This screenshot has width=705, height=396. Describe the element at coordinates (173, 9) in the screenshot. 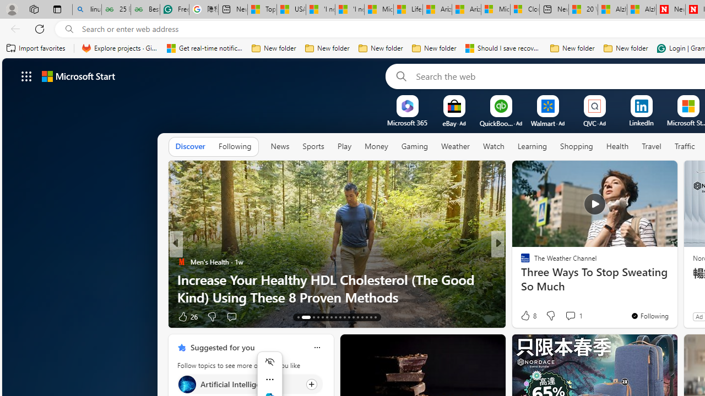

I see `'Free AI Writing Assistance for Students | Grammarly'` at that location.